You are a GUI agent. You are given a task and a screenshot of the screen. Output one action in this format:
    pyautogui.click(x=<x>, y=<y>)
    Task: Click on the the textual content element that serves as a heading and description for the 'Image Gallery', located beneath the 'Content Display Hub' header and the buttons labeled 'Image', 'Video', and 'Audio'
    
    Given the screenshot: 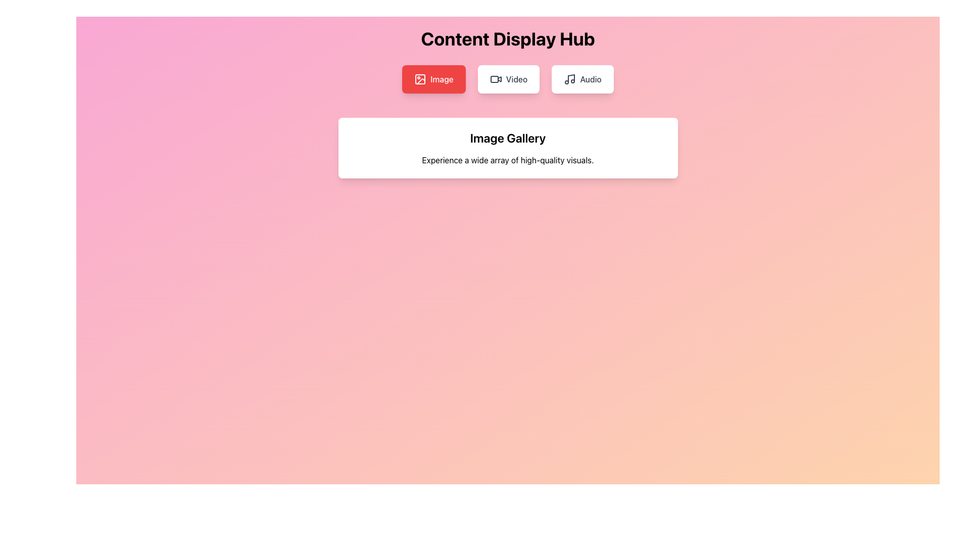 What is the action you would take?
    pyautogui.click(x=508, y=148)
    